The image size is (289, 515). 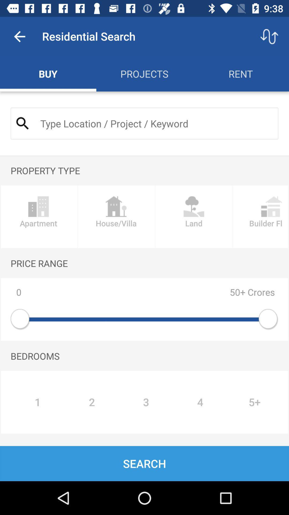 I want to click on the icon to the right of 1, so click(x=92, y=402).